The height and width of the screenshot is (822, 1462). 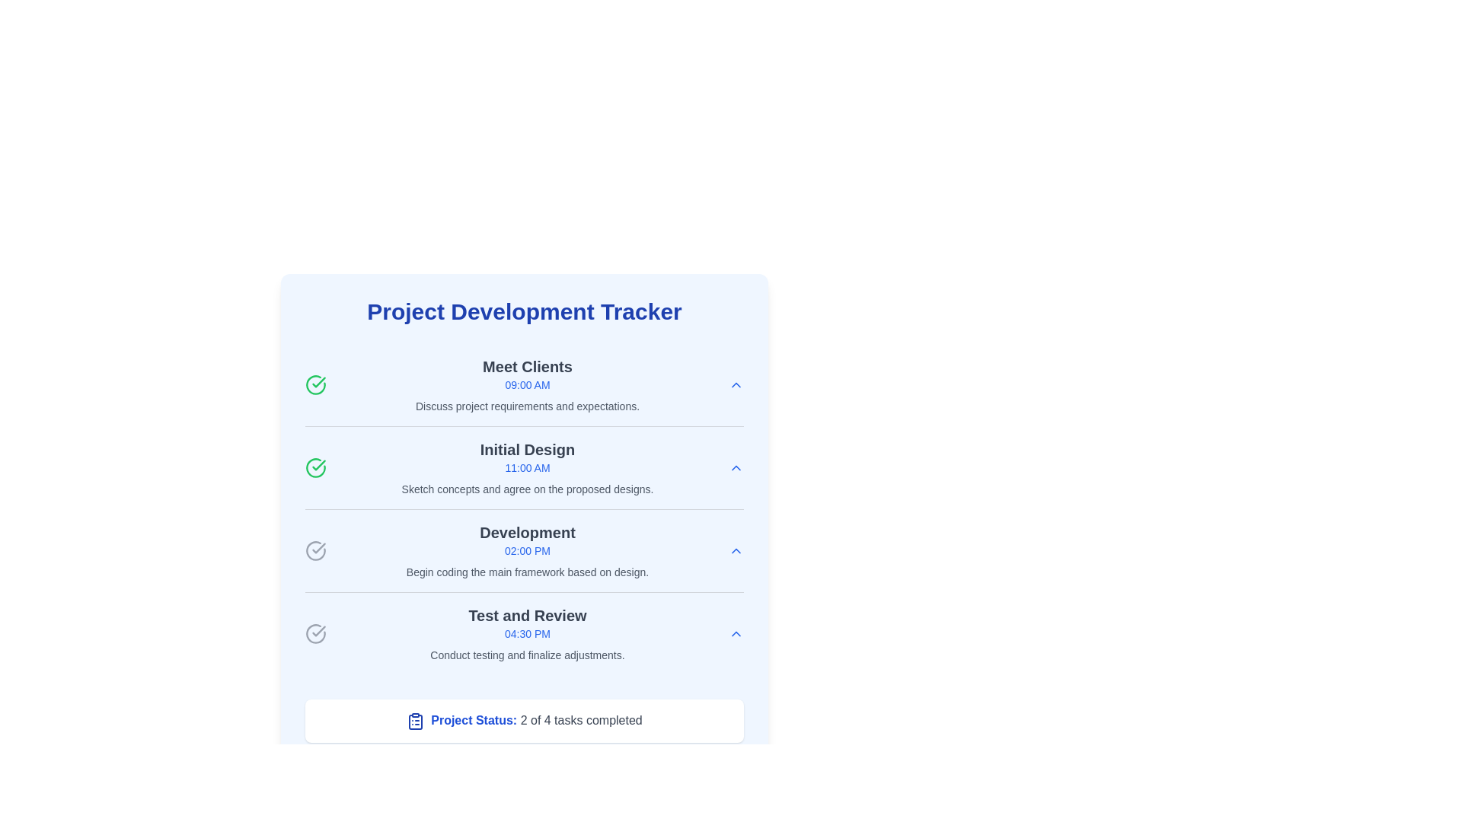 What do you see at coordinates (314, 384) in the screenshot?
I see `the completion indicator icon located in the leftmost position of the row with the heading 'Meet Clients' and subtext 'Discuss project requirements and expectations.'` at bounding box center [314, 384].